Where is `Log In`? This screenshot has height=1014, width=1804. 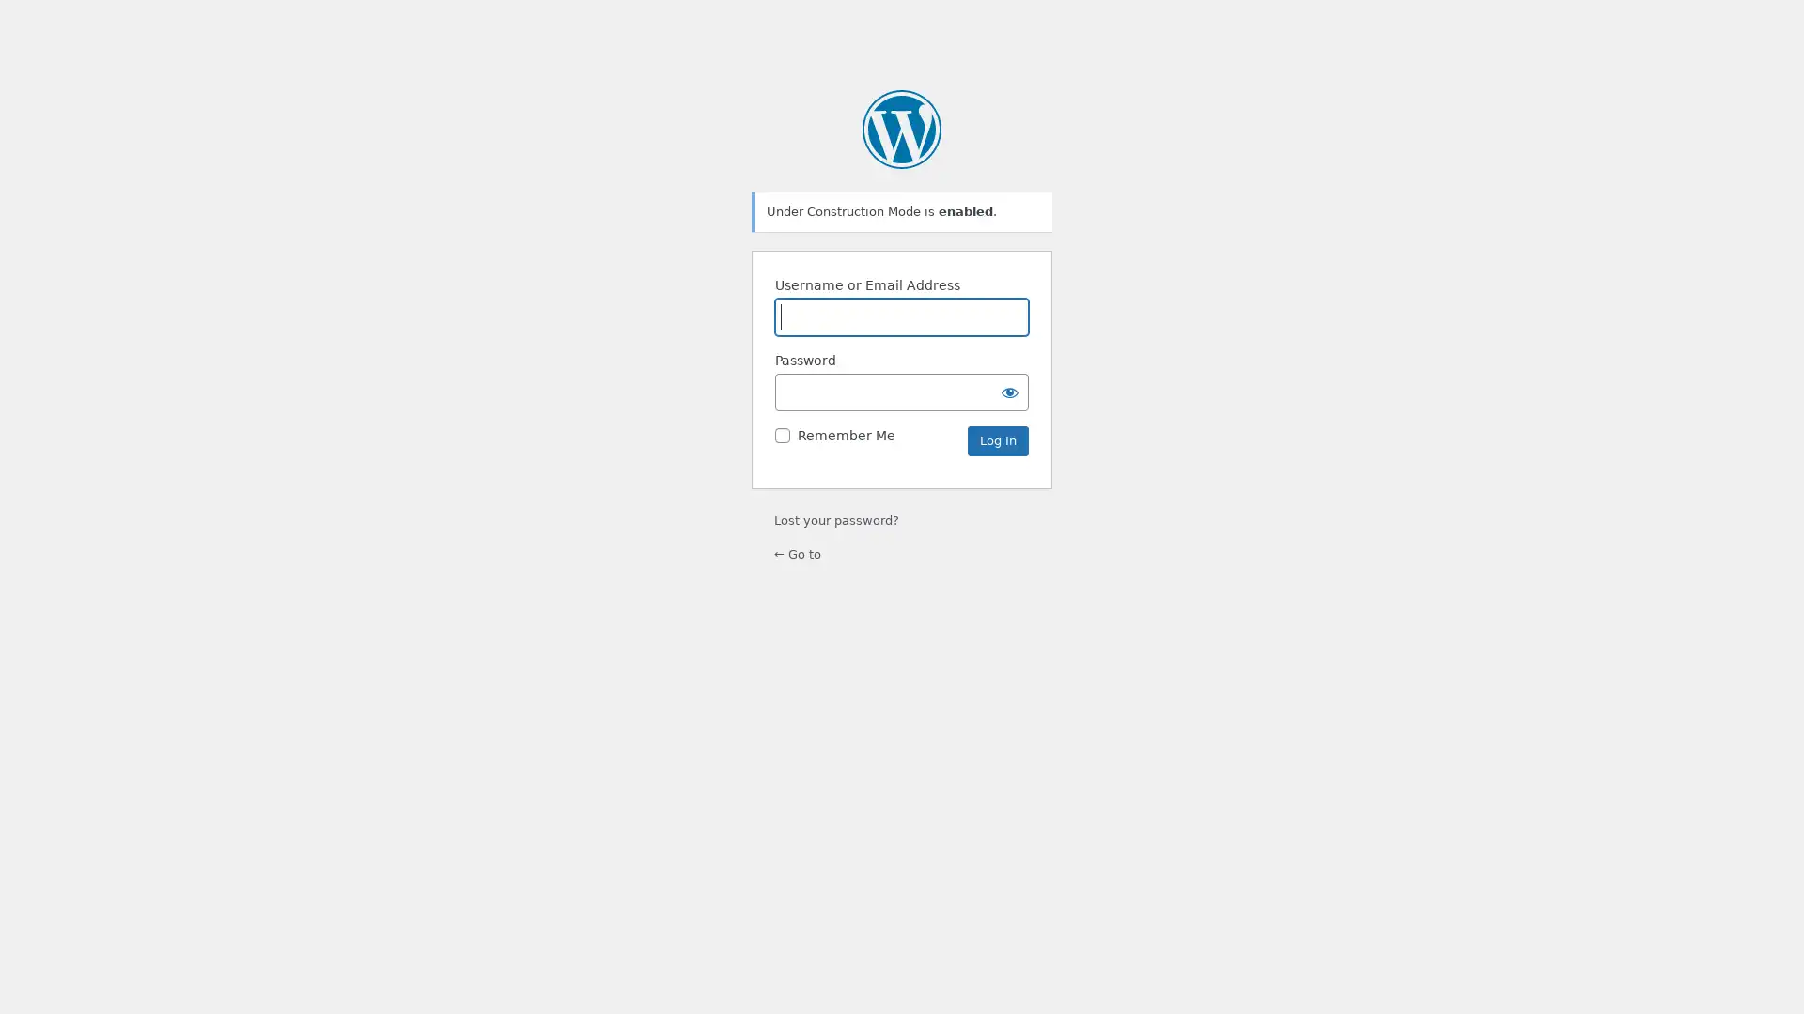
Log In is located at coordinates (997, 441).